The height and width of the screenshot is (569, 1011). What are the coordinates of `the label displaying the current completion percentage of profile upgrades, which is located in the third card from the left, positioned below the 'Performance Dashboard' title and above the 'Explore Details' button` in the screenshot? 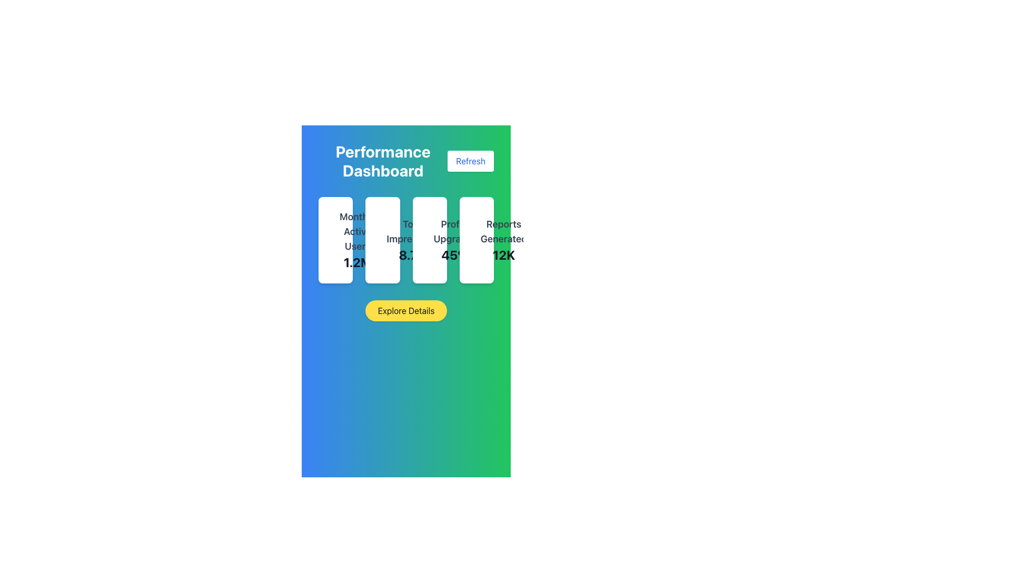 It's located at (455, 240).